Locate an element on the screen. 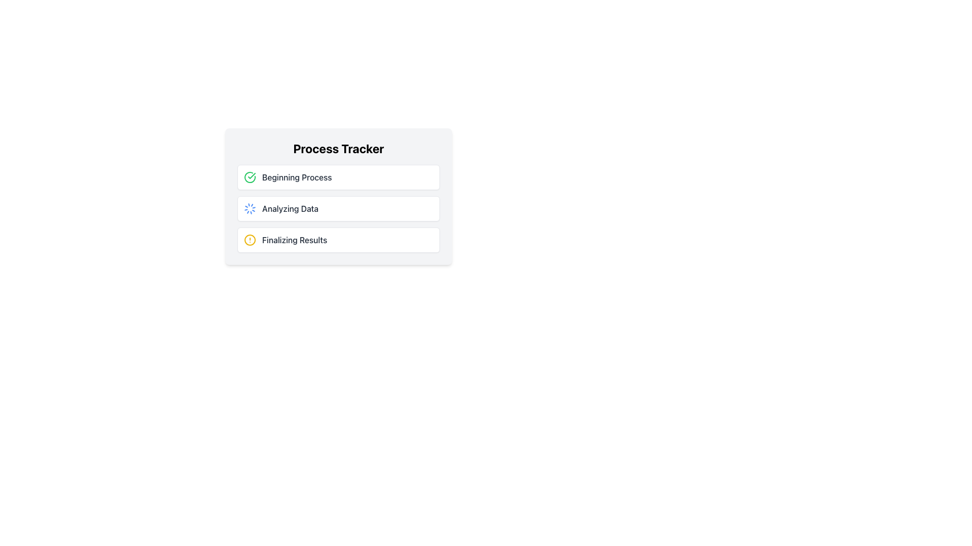 The width and height of the screenshot is (972, 546). text label indicating the 'Beginning Process' stage, which is the first item in the vertically stacked list under the 'Process Tracker' heading is located at coordinates (287, 177).